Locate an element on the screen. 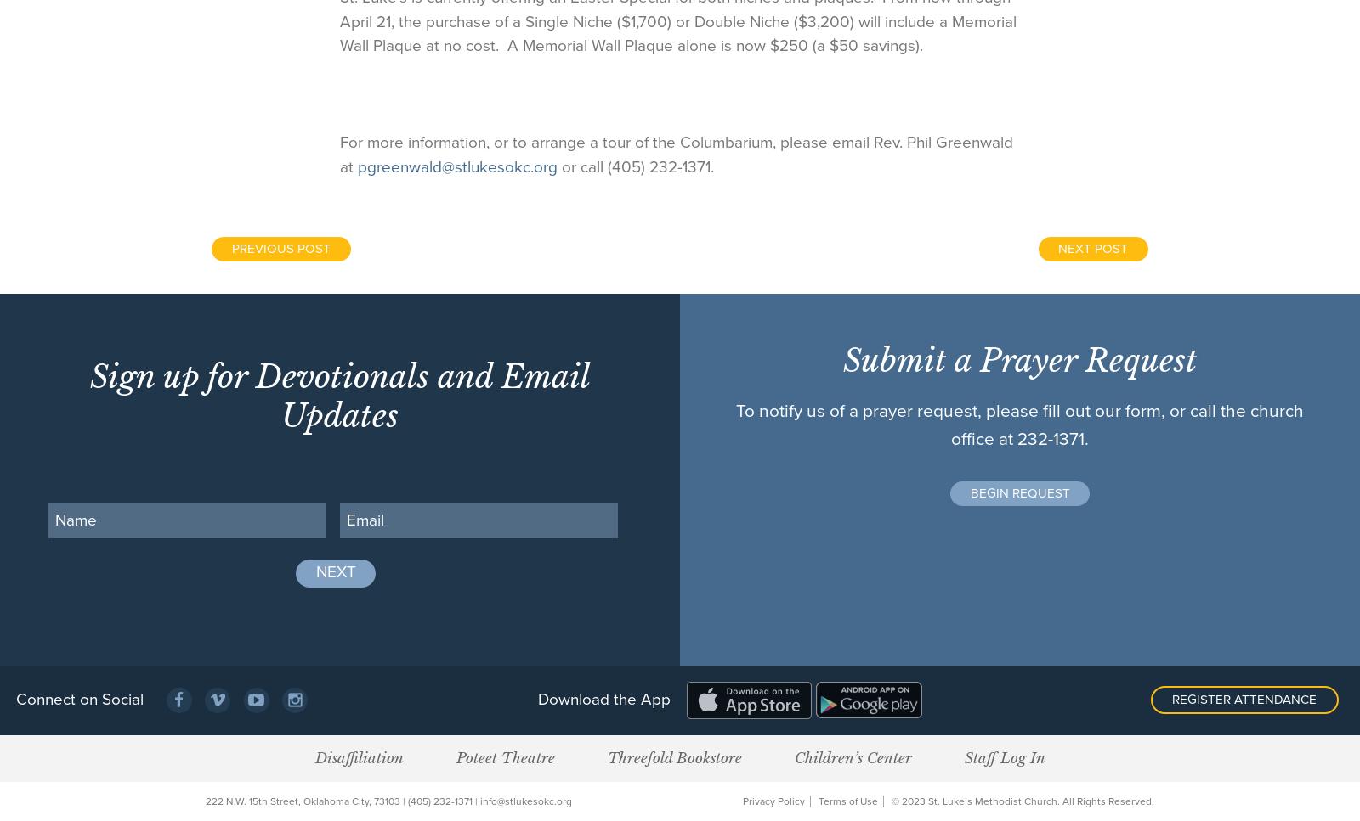  '232-1371.' is located at coordinates (1052, 438).